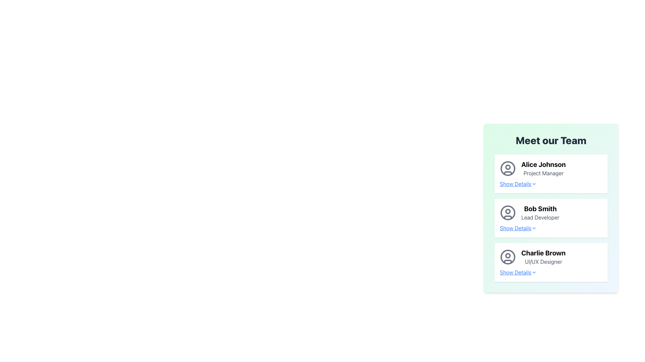  What do you see at coordinates (551, 218) in the screenshot?
I see `the second team member profile in the 'Meet our Team' section` at bounding box center [551, 218].